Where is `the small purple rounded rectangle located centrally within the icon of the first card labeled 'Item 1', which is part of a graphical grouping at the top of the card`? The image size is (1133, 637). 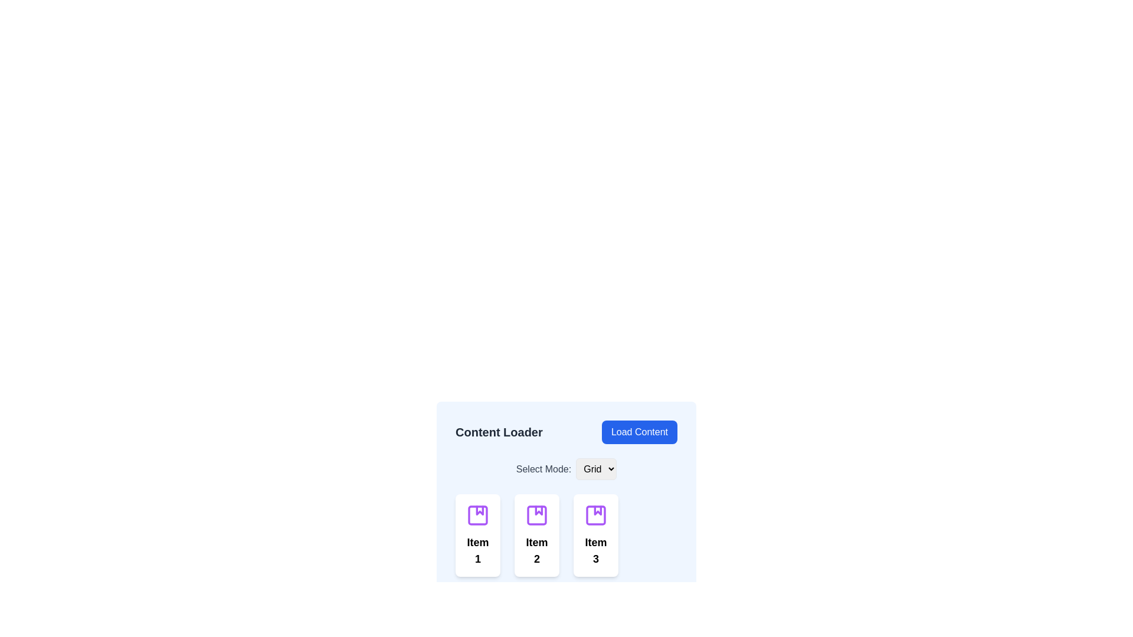
the small purple rounded rectangle located centrally within the icon of the first card labeled 'Item 1', which is part of a graphical grouping at the top of the card is located at coordinates (478, 515).